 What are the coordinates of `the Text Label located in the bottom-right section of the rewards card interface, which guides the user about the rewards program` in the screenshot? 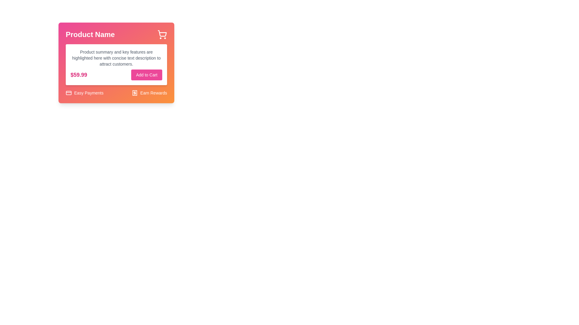 It's located at (153, 93).